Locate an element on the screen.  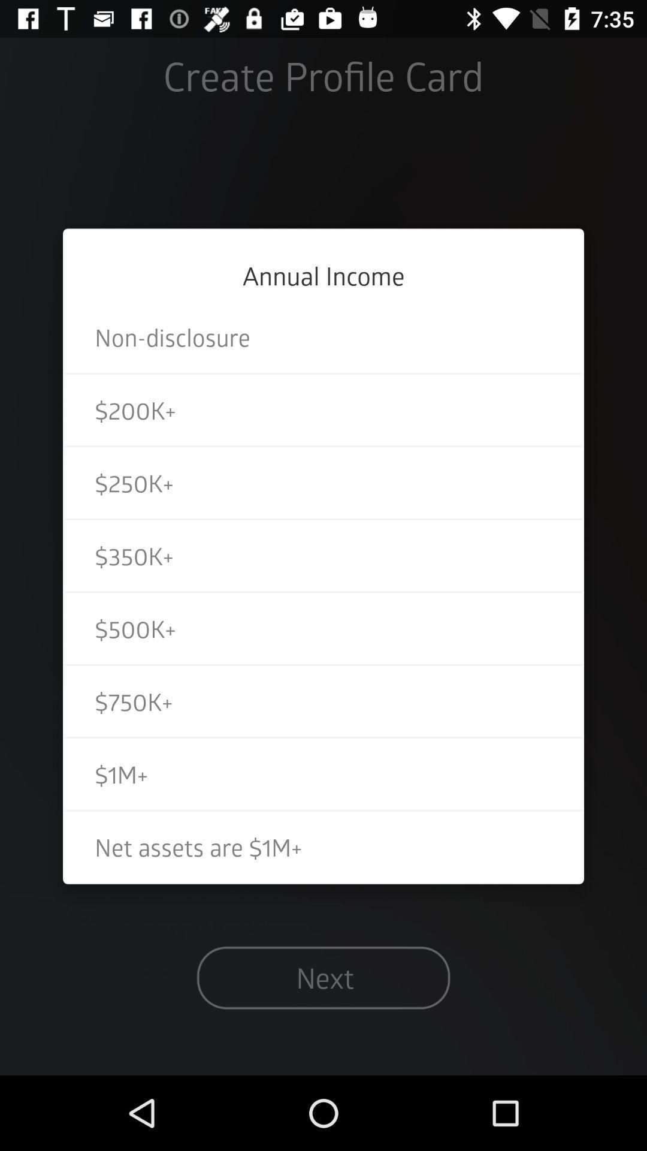
icon below $250k+ is located at coordinates (323, 555).